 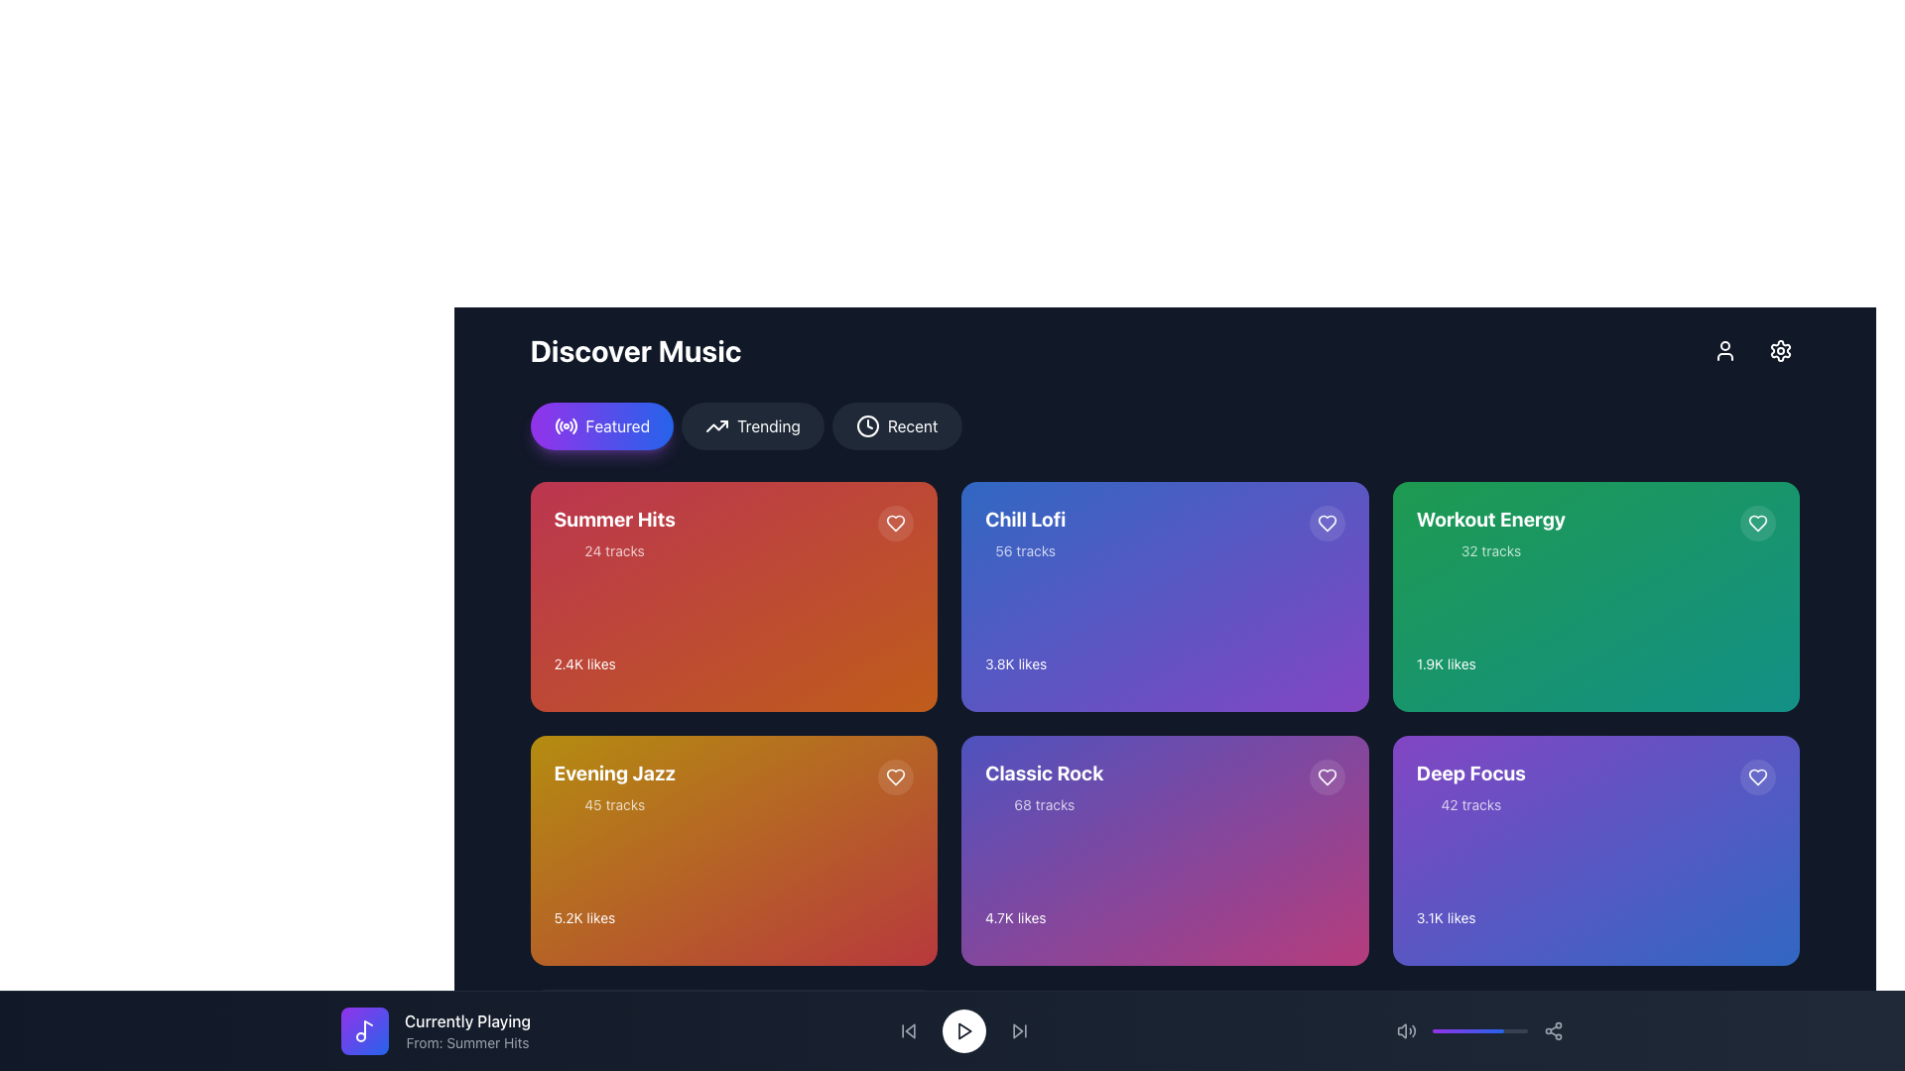 I want to click on the text label displaying '4.7K likes' at the bottom center of the 'Classic Rock' card in the 'Discover Music' section, so click(x=1015, y=917).